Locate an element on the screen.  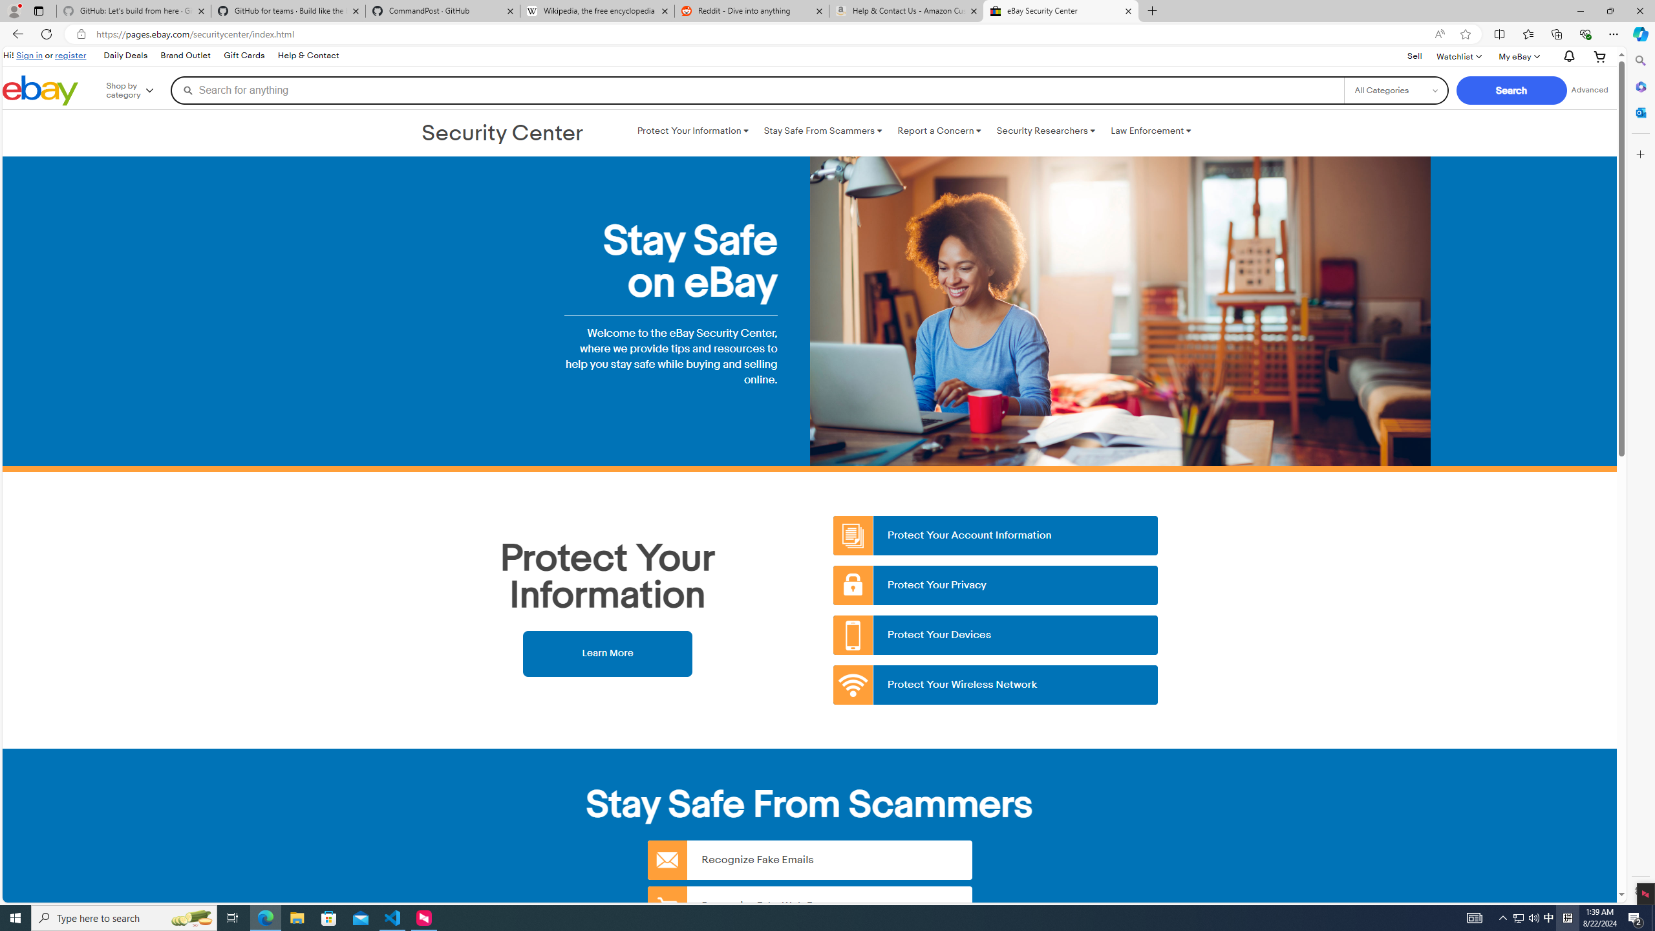
'eBay Security Center' is located at coordinates (1060, 10).